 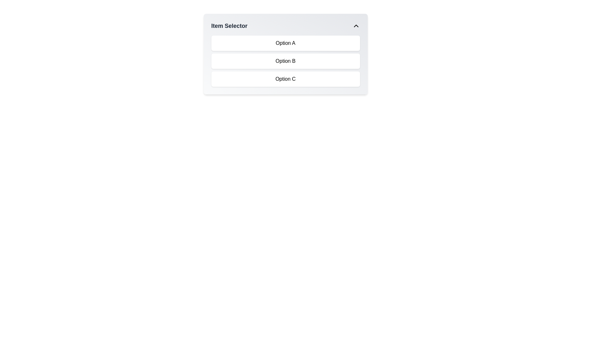 I want to click on the 'Option C' button located at the center of the third item in the vertical list under 'Item Selector', so click(x=285, y=78).